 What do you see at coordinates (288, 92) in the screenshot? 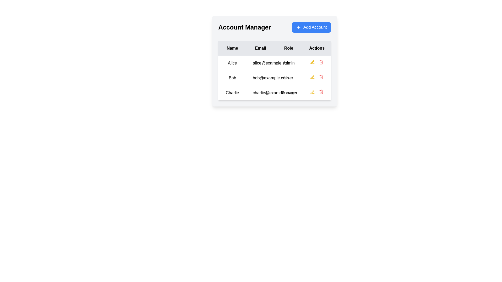
I see `the text element reading 'Manager' located in the 'Role' column of the table, aligned with the row containing 'Charlie' and 'charlie@example.com'` at bounding box center [288, 92].